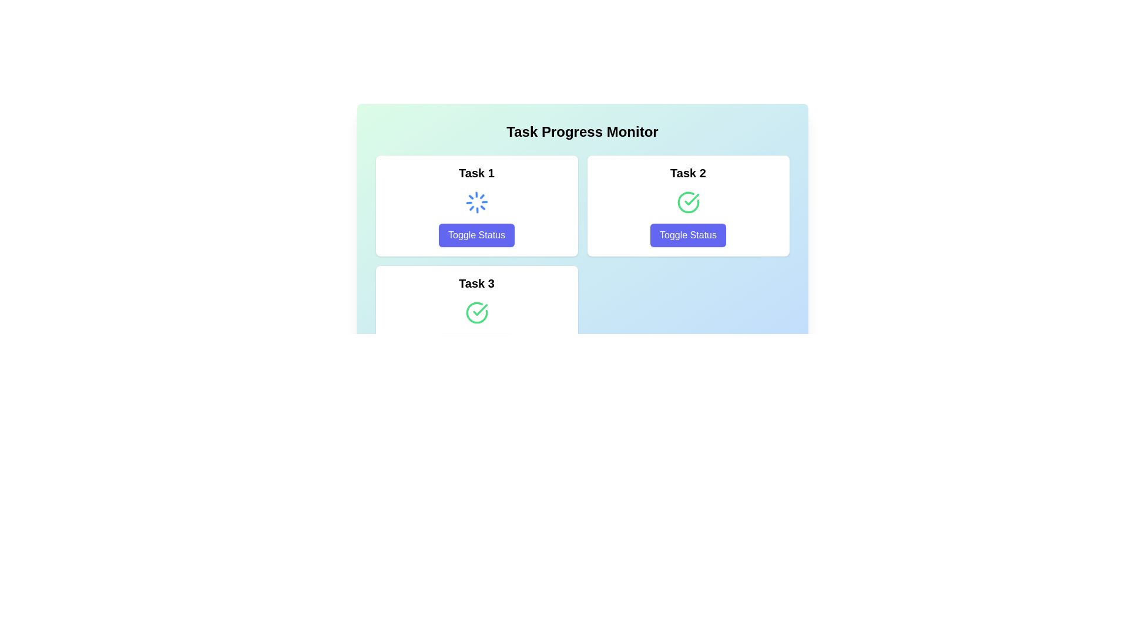  What do you see at coordinates (480, 309) in the screenshot?
I see `the green checkmark icon located within the Task 3 card, which is positioned above the 'Toggle Status' button and below the 'Task 3' label` at bounding box center [480, 309].